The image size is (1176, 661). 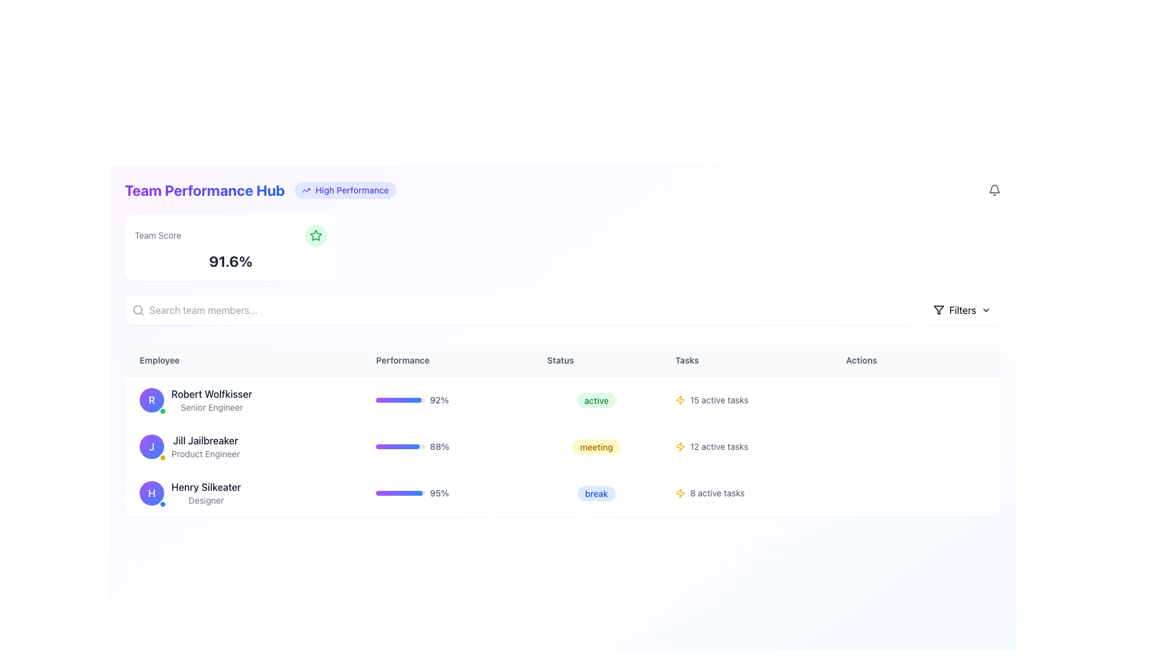 I want to click on the Text Label indicating options or controls for filtering displayed content, located near the top-right corner of the application interface, adjacent to the dropdown arrow icon and filter icon, so click(x=962, y=309).